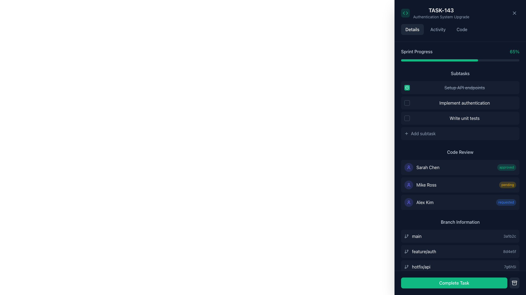 Image resolution: width=526 pixels, height=295 pixels. Describe the element at coordinates (406, 266) in the screenshot. I see `the appearance of the Git branch icon located in the 'Branch Information' section, to the left of the text 'hotfix/api'` at that location.